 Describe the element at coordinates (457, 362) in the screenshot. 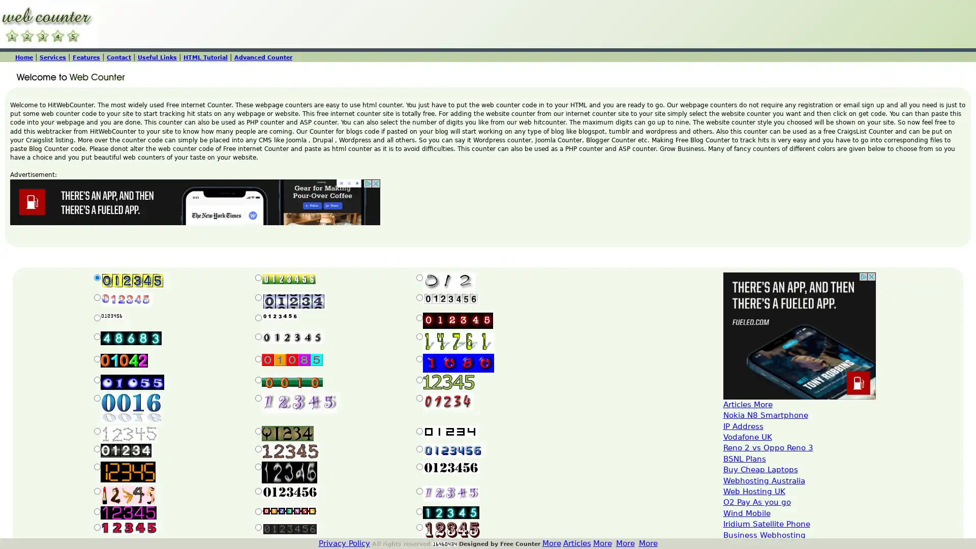

I see `Submit` at that location.